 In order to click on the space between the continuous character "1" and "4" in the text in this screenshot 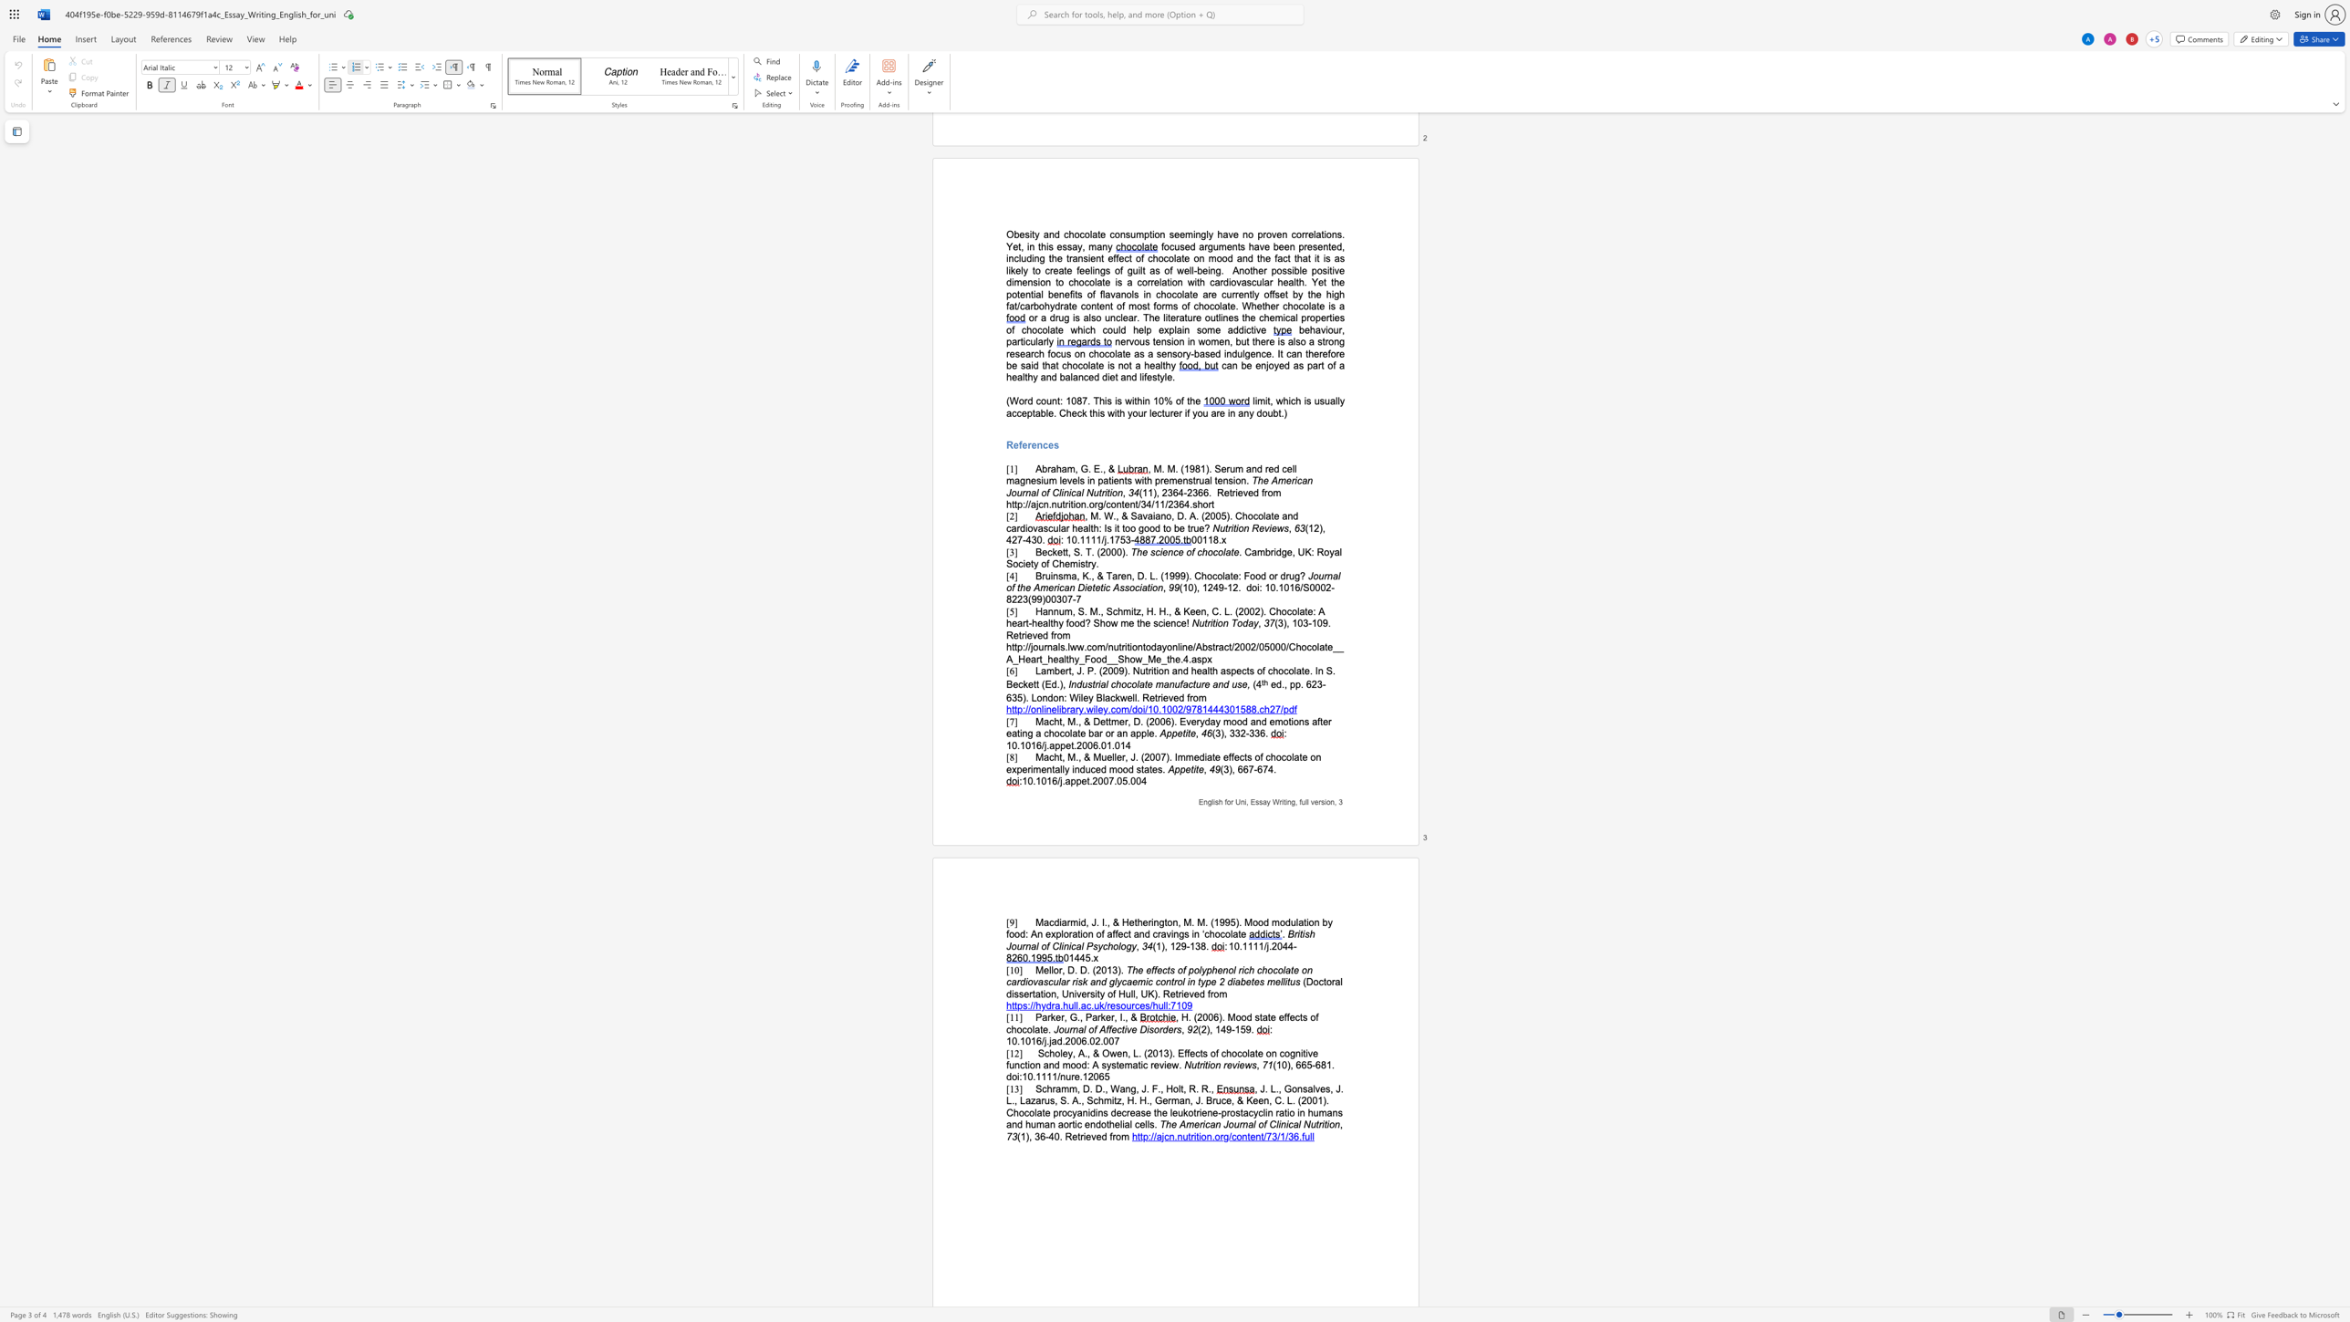, I will do `click(1221, 1029)`.